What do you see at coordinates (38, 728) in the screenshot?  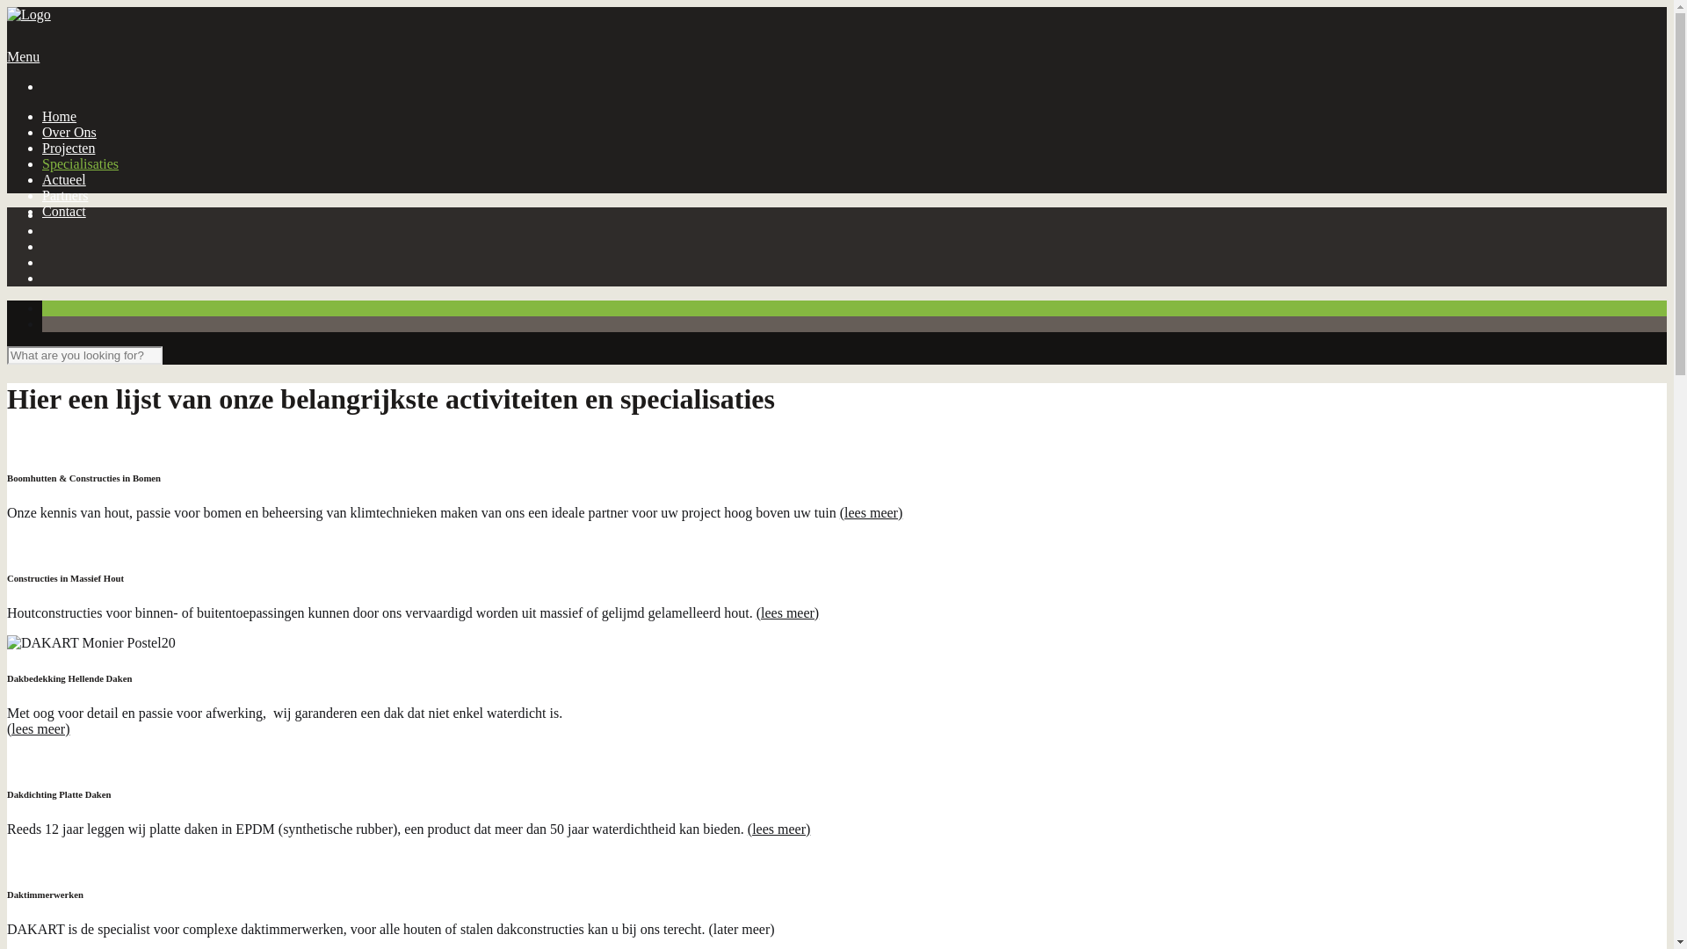 I see `'(lees meer)'` at bounding box center [38, 728].